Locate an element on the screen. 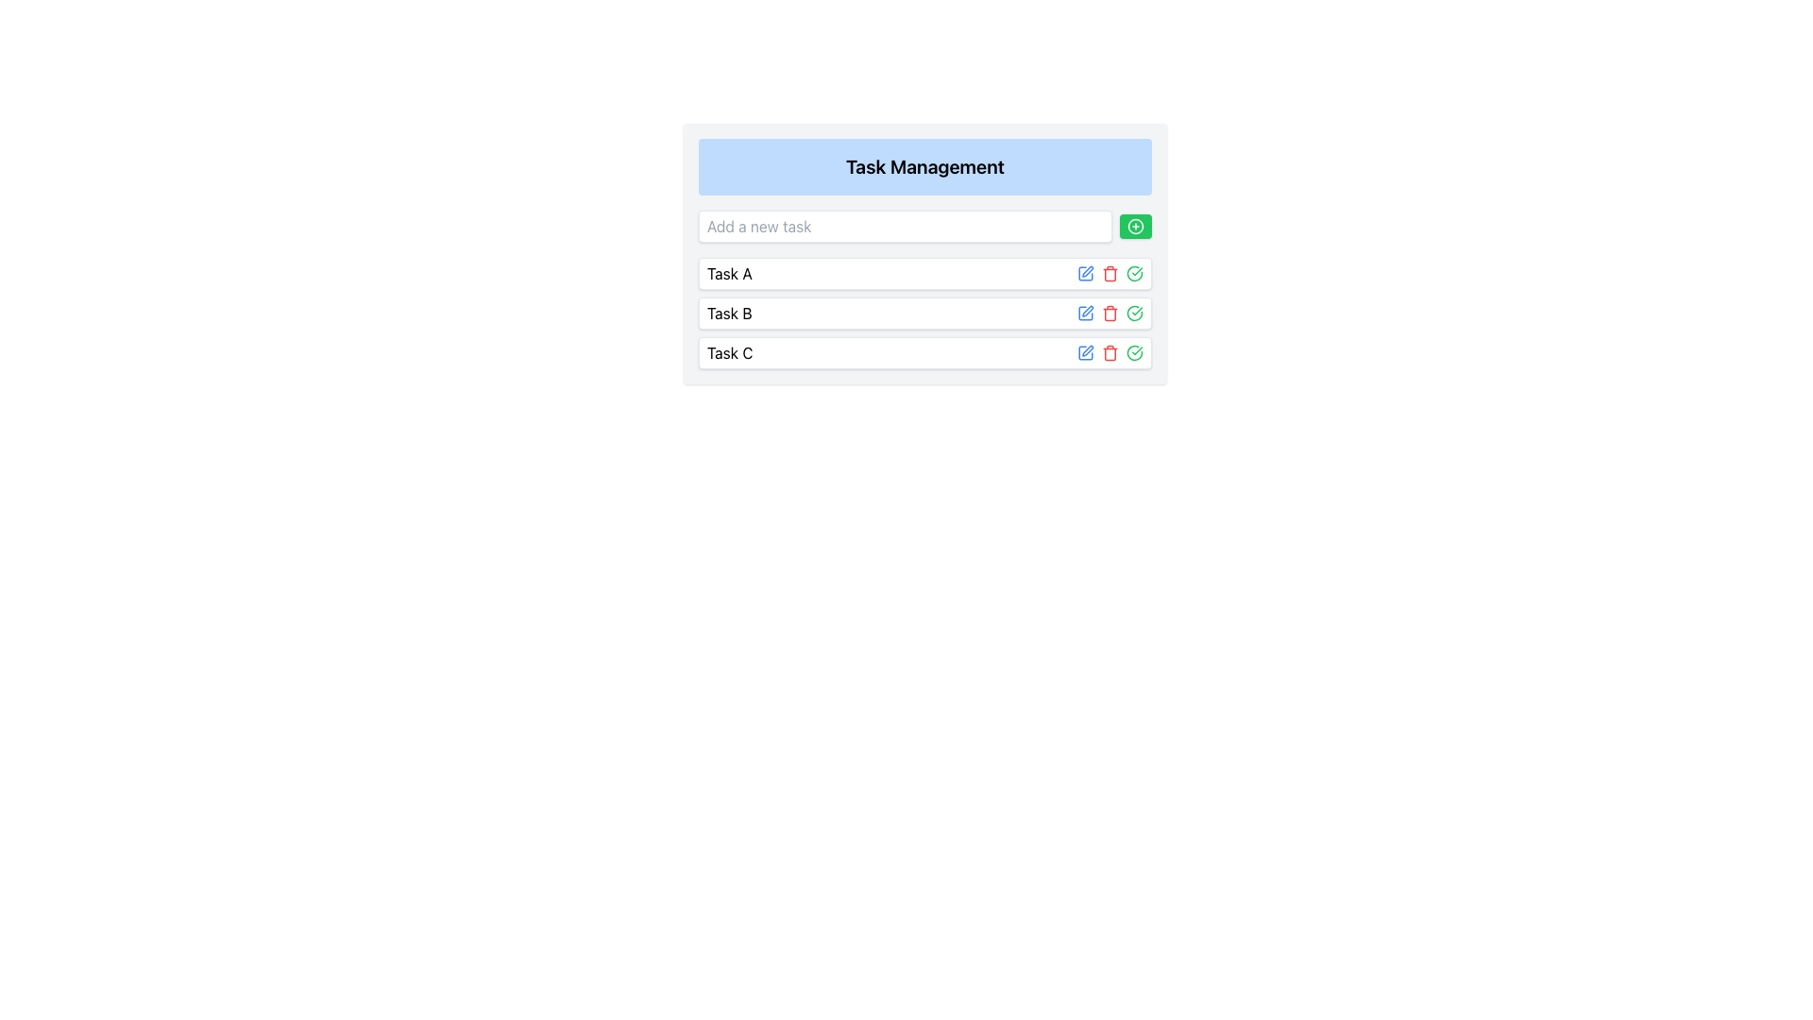 Image resolution: width=1813 pixels, height=1020 pixels. the Text label displaying 'Task C' is located at coordinates (729, 353).